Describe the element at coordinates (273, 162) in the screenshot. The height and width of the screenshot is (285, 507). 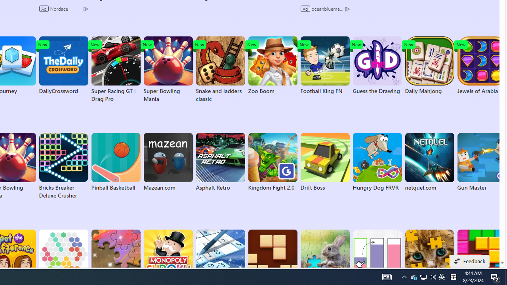
I see `'Kingdom Fight 2.0'` at that location.